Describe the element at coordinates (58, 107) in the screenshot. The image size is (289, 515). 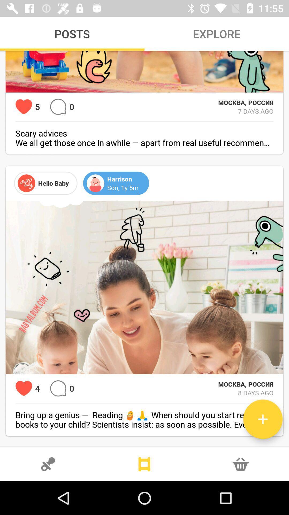
I see `comment` at that location.